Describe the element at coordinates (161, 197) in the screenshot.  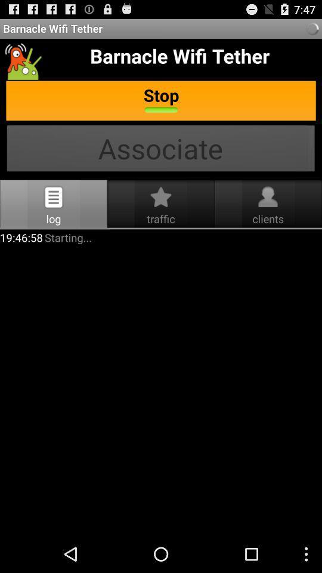
I see `the star symbol above traffic` at that location.